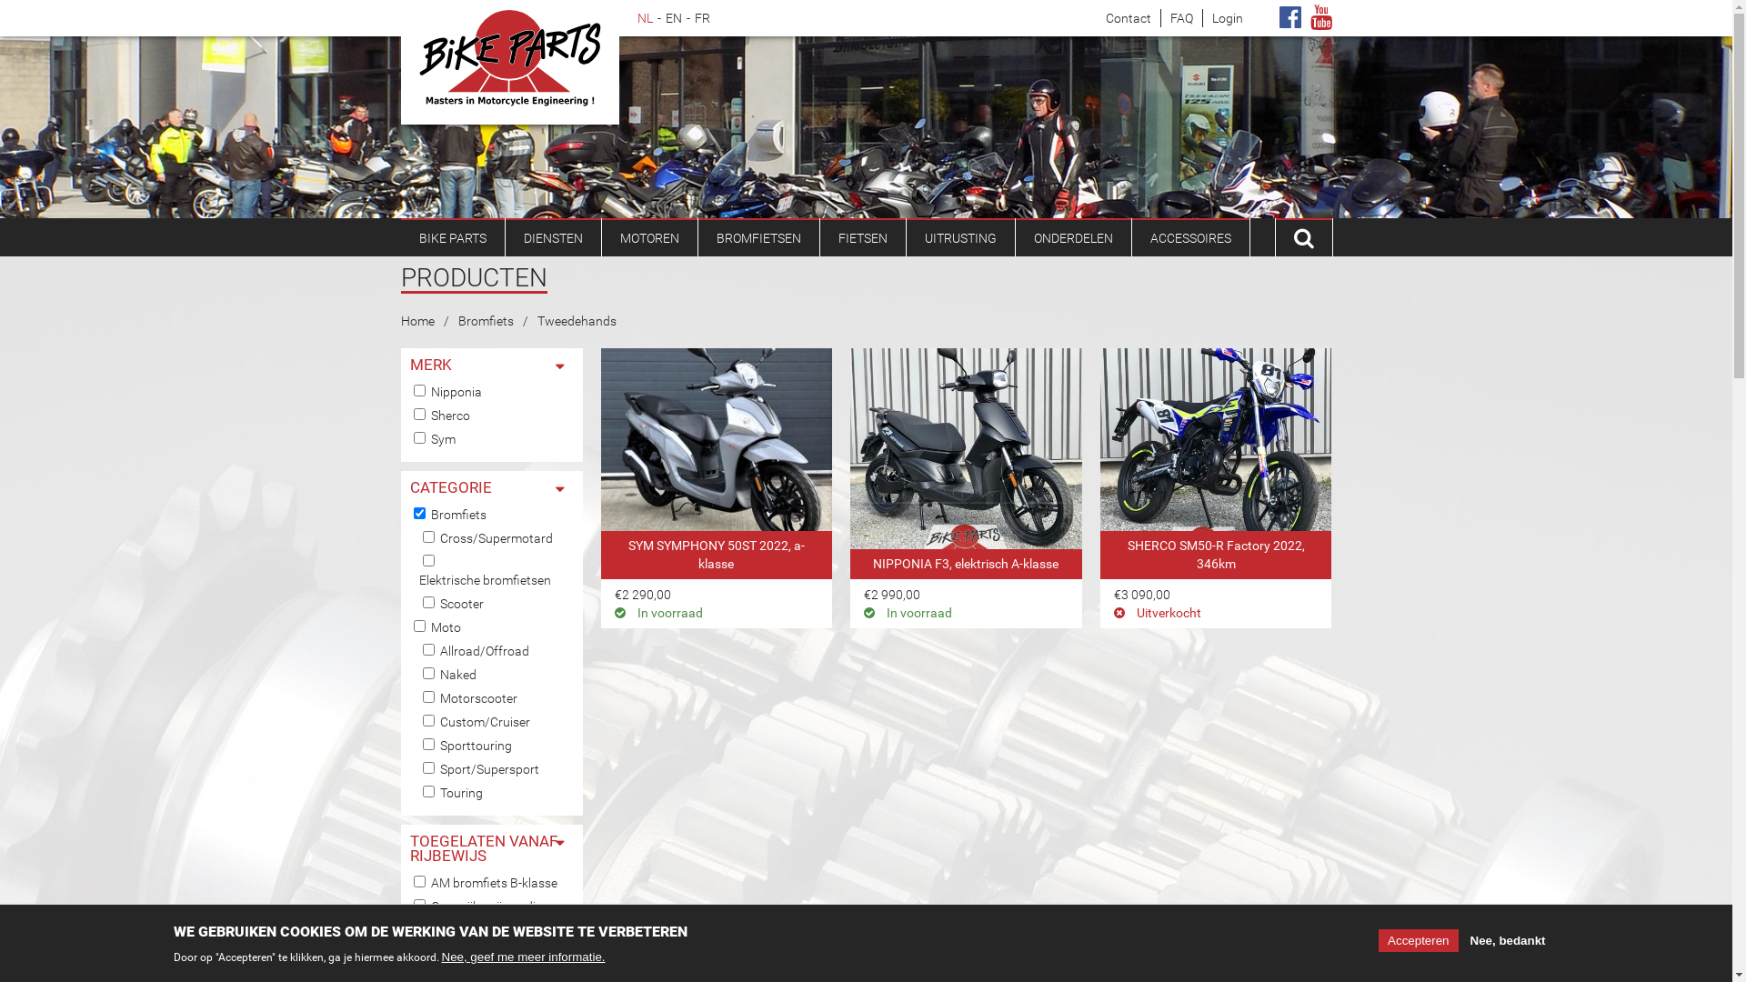 The image size is (1746, 982). I want to click on 'NL', so click(644, 17).